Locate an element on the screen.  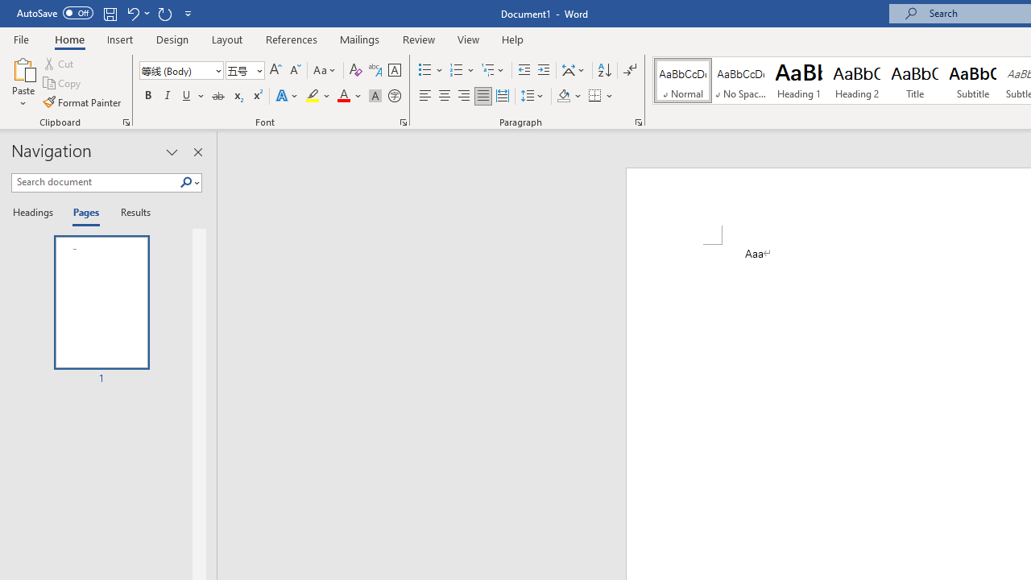
'Text Highlight Color' is located at coordinates (318, 96).